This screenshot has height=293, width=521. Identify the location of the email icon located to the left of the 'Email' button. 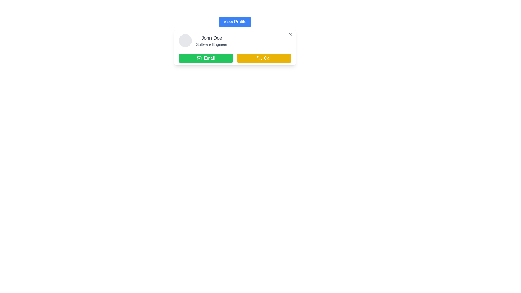
(199, 58).